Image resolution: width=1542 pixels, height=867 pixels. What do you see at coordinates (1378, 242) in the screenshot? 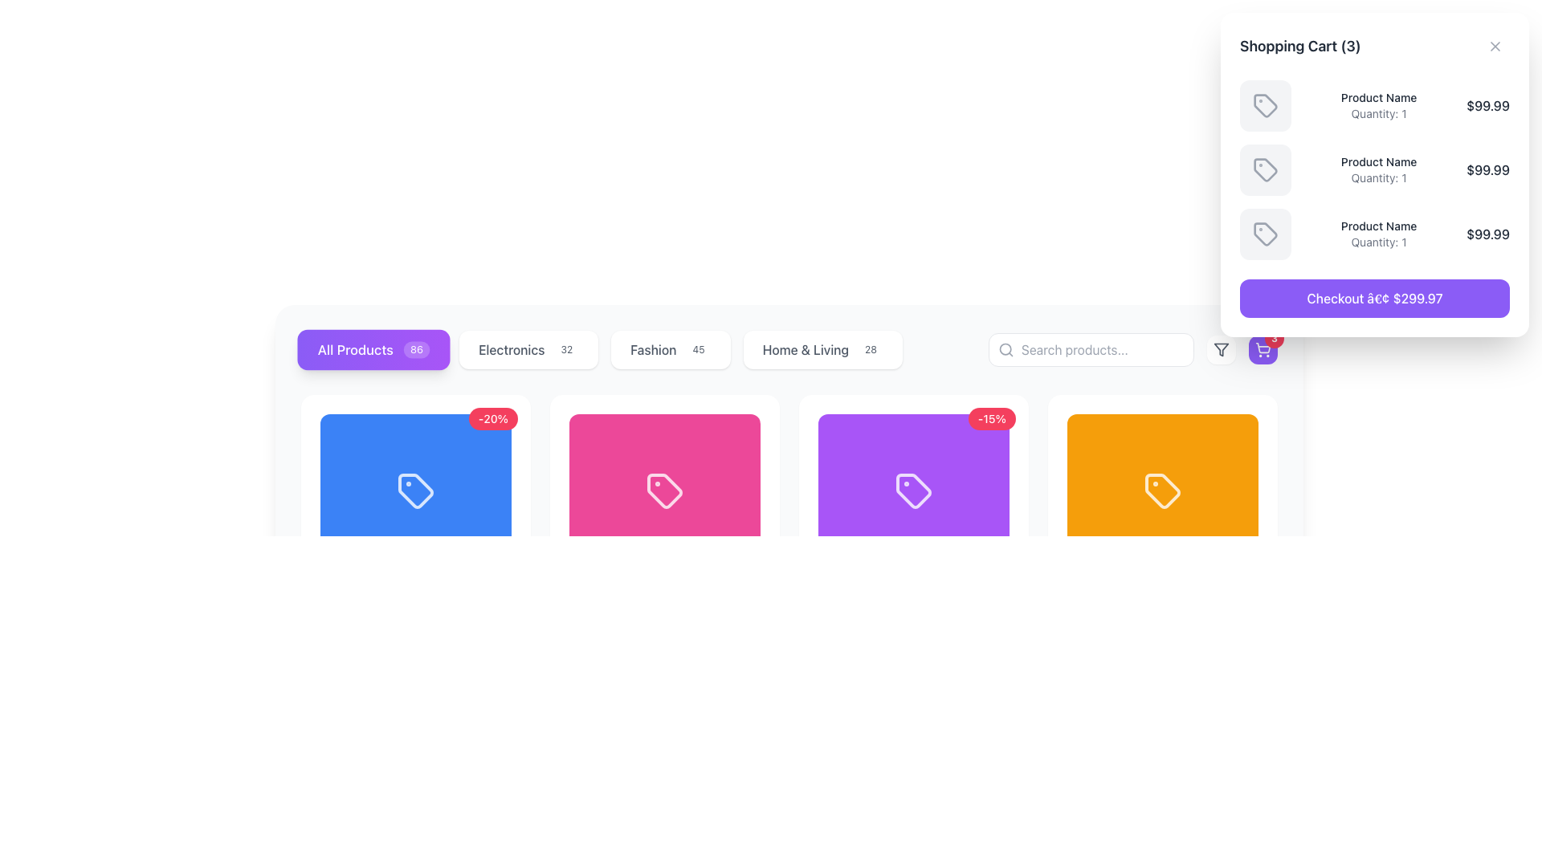
I see `the static text label that indicates the quantity of the respective product in the shopping cart, located below 'Product Name' and above the price '$99.99'` at bounding box center [1378, 242].